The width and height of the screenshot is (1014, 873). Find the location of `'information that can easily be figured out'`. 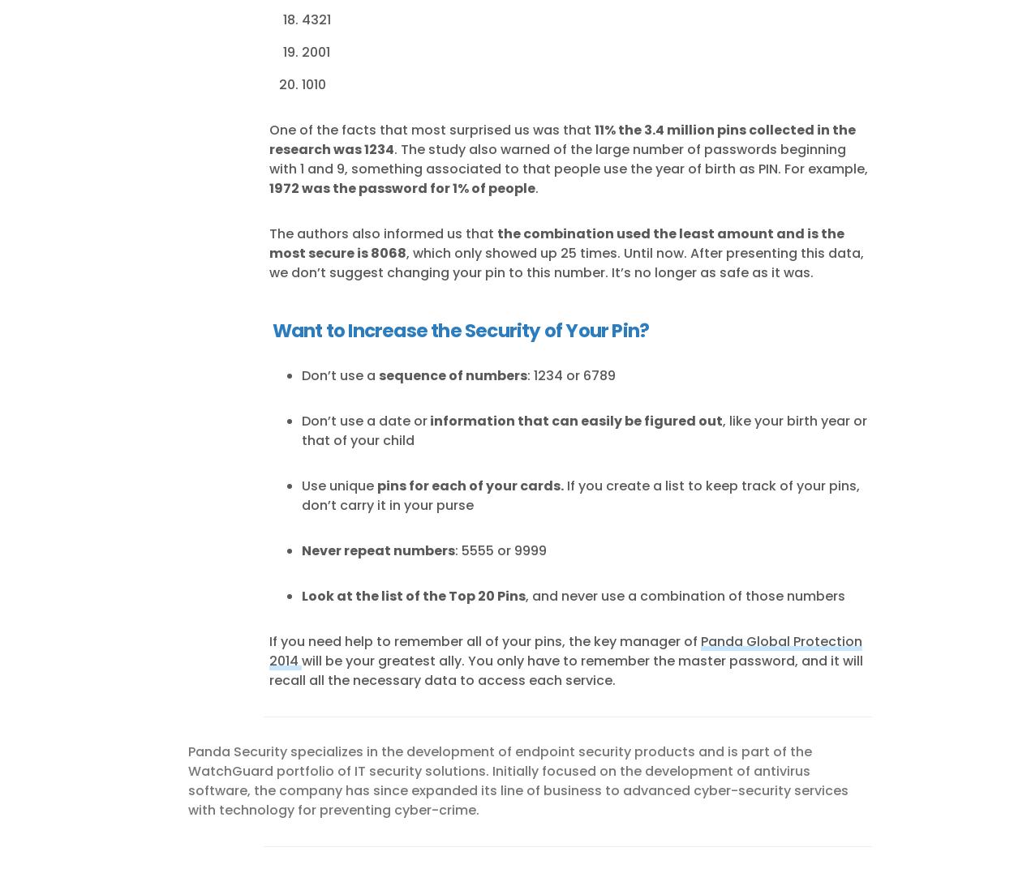

'information that can easily be figured out' is located at coordinates (574, 419).